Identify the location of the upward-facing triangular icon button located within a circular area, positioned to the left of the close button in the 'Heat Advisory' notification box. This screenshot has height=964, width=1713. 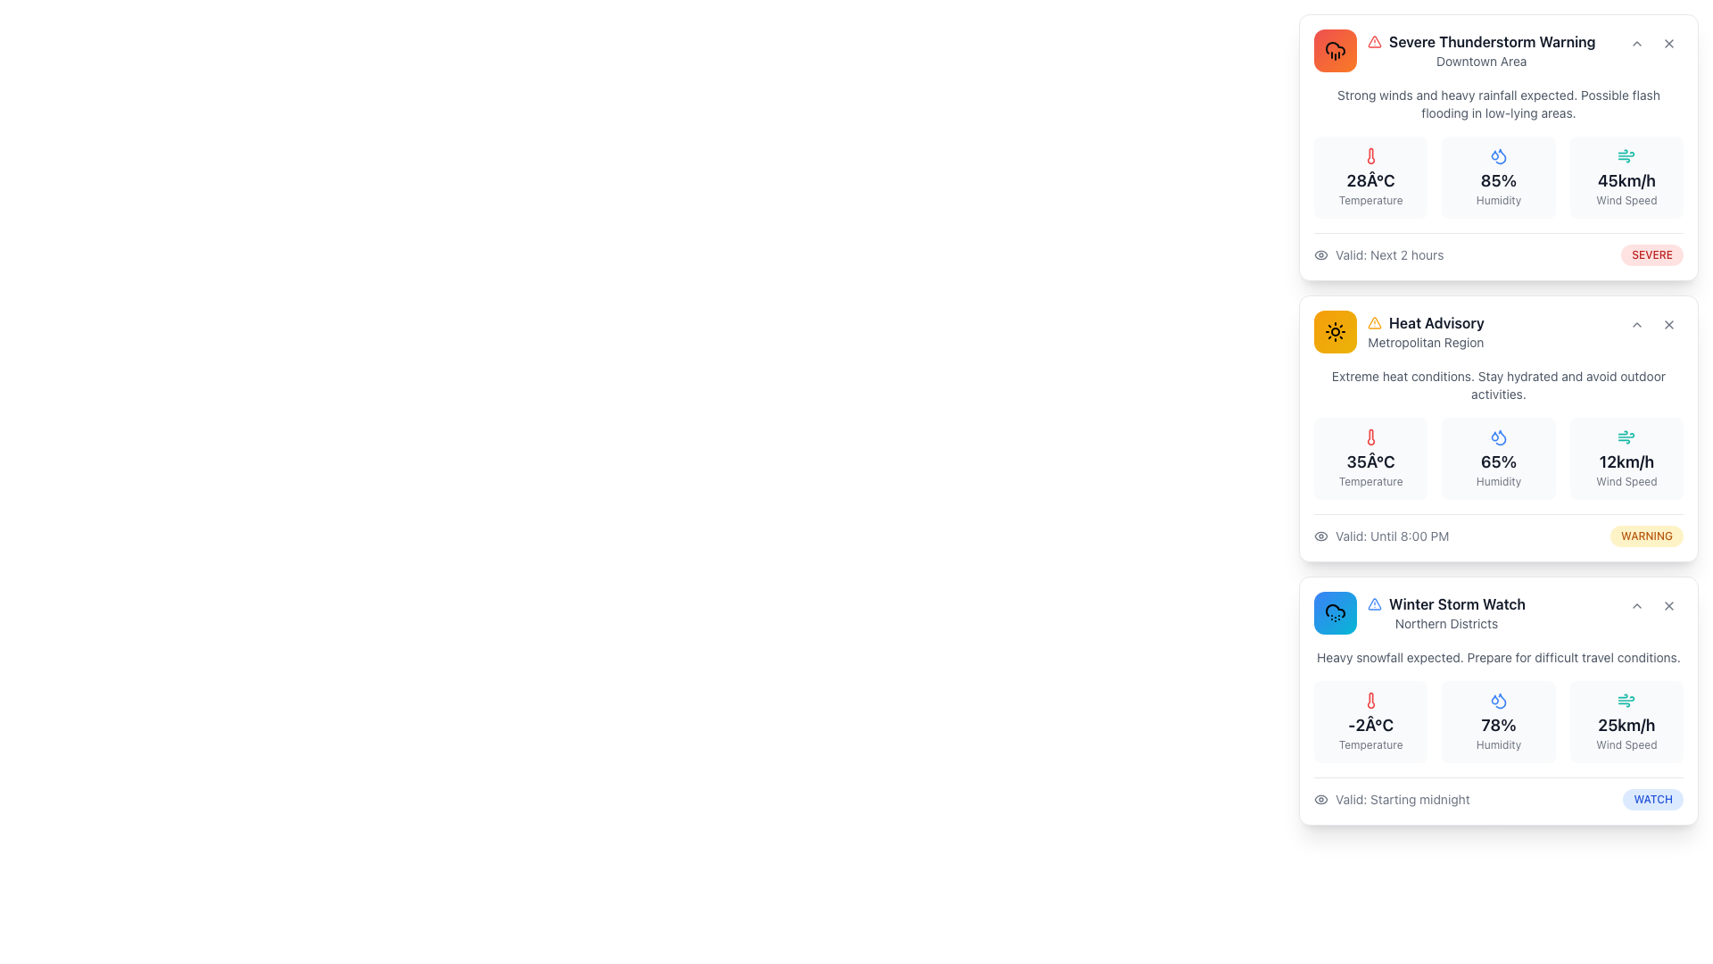
(1636, 324).